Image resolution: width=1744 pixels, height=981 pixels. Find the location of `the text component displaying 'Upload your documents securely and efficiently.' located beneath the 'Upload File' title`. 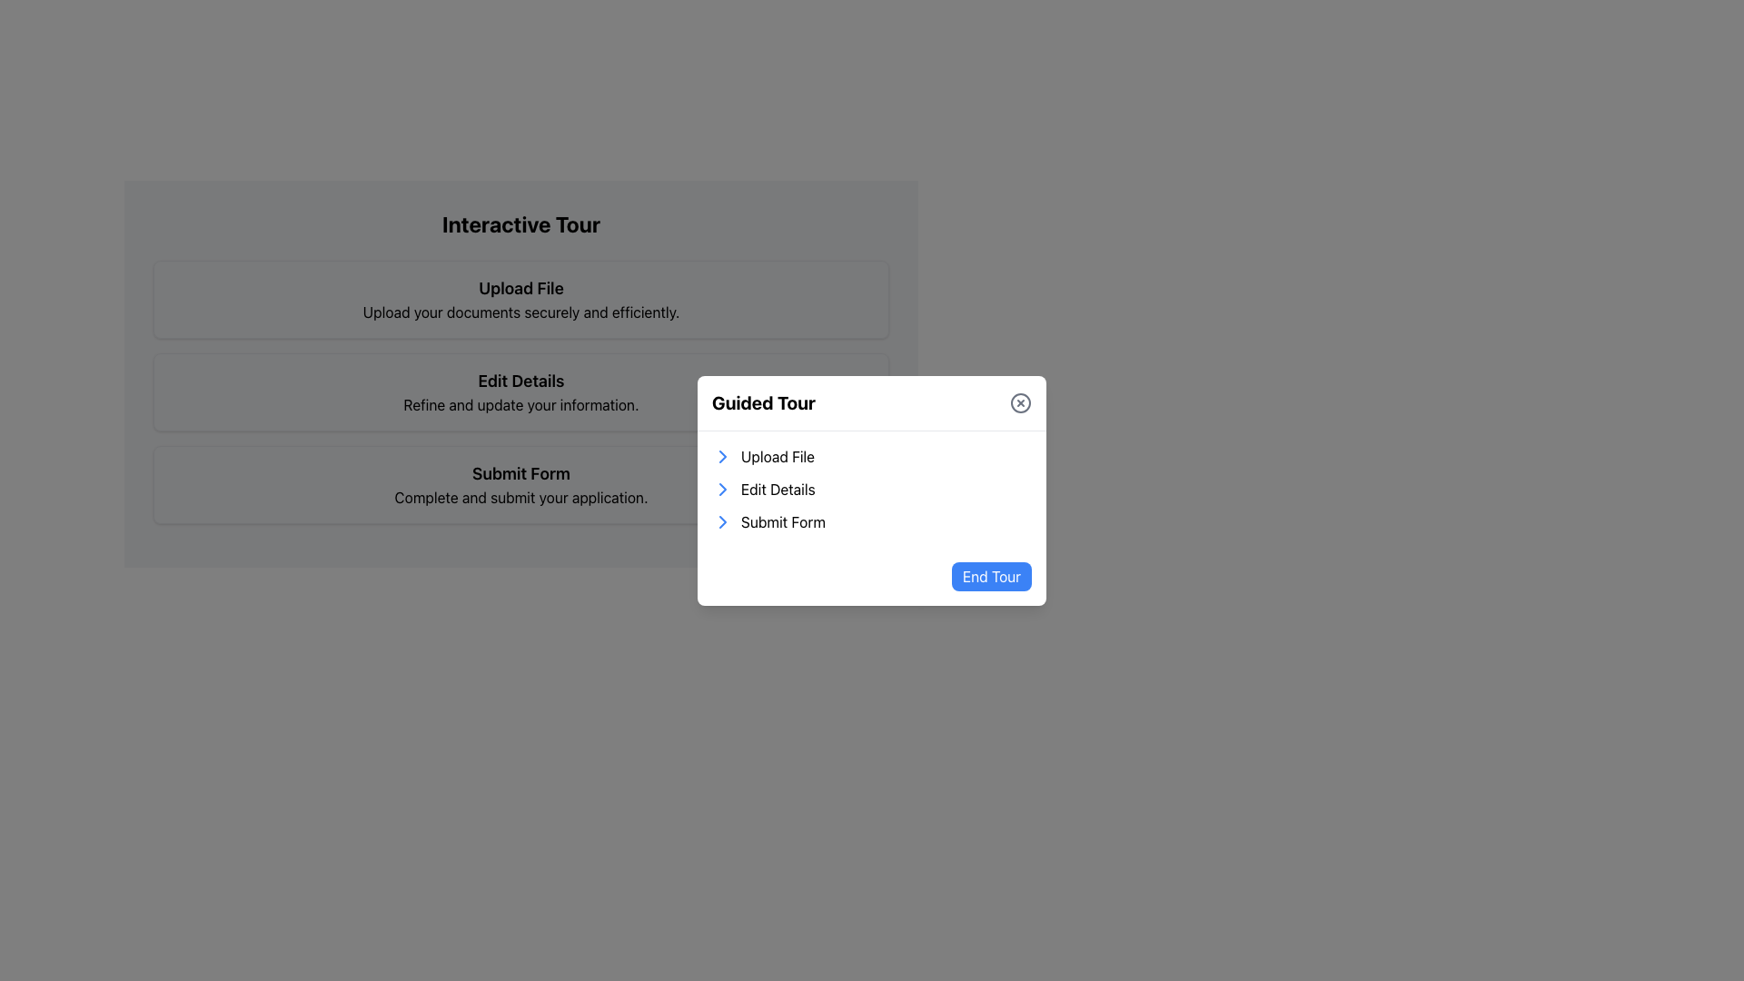

the text component displaying 'Upload your documents securely and efficiently.' located beneath the 'Upload File' title is located at coordinates (520, 311).